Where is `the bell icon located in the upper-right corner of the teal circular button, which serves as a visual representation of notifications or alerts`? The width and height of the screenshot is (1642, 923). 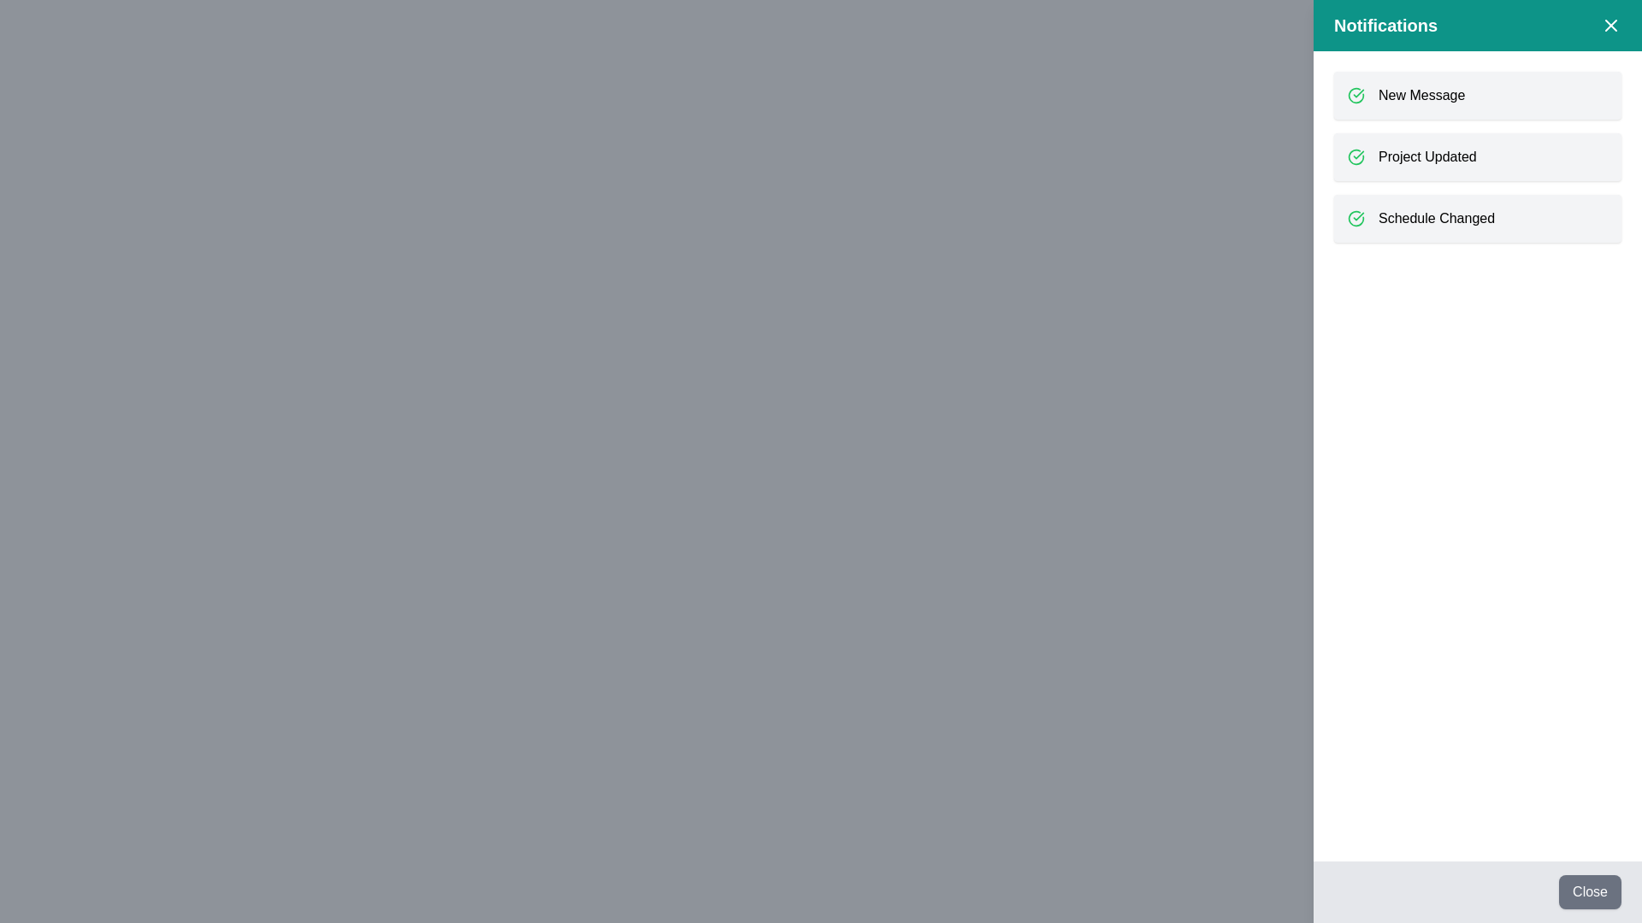
the bell icon located in the upper-right corner of the teal circular button, which serves as a visual representation of notifications or alerts is located at coordinates (1604, 37).